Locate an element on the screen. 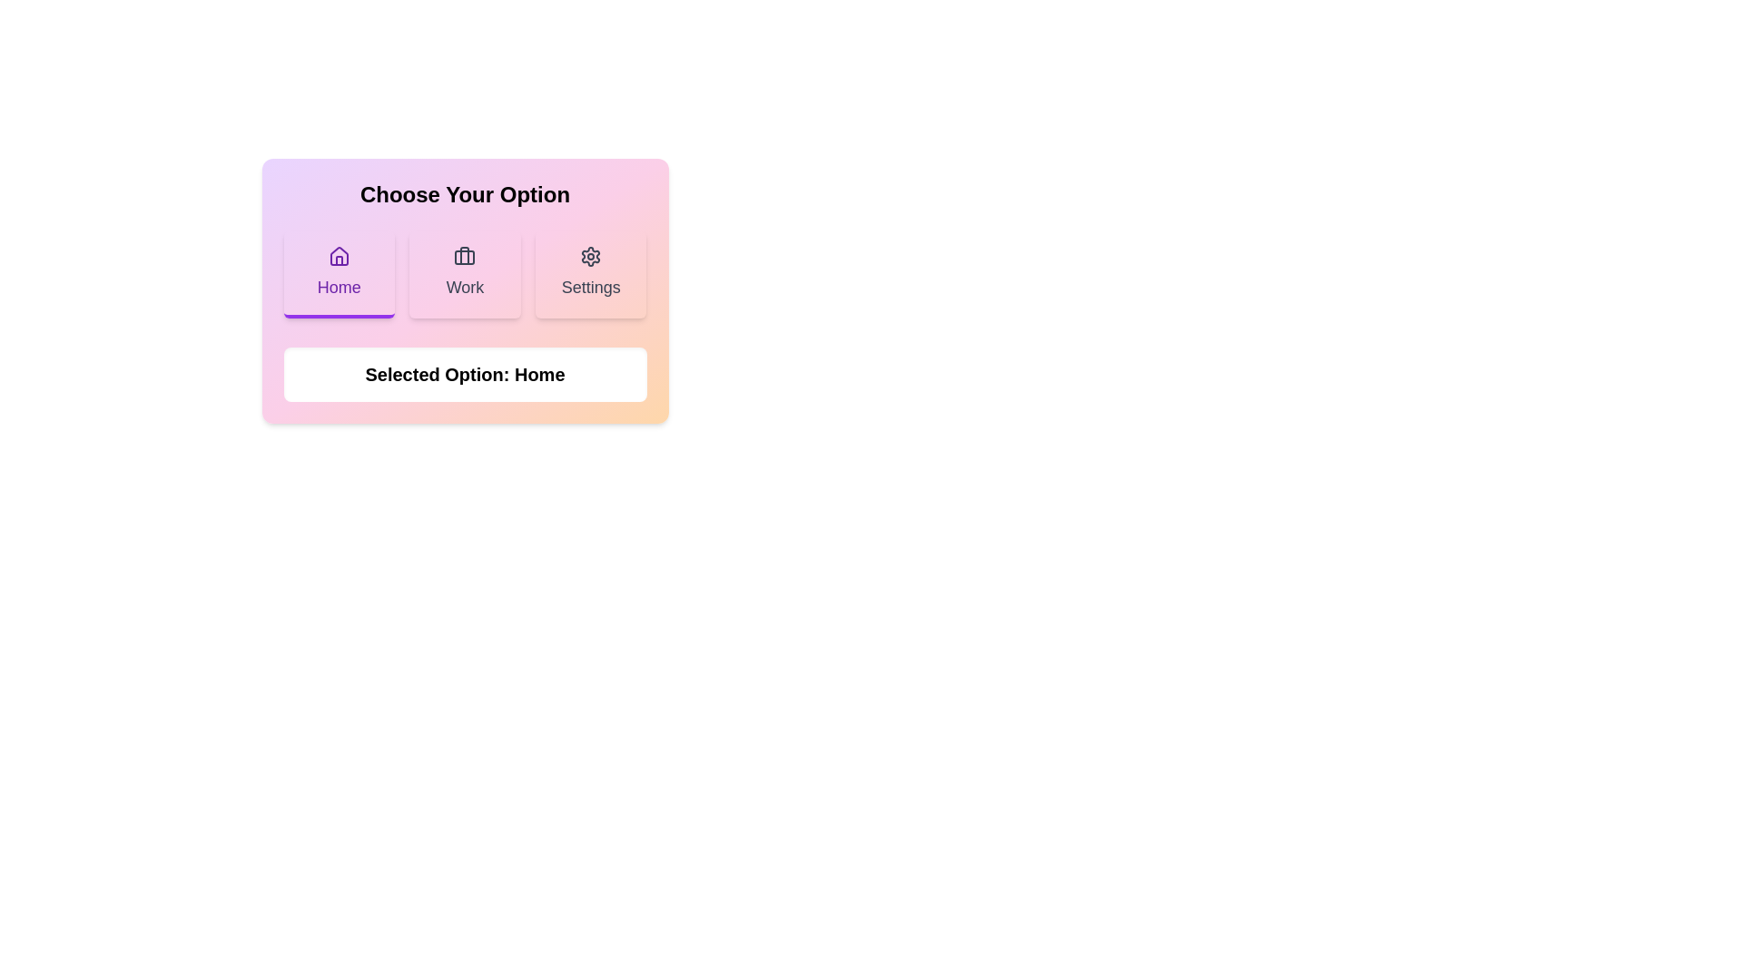  any of the buttons labeled 'Home', 'Work', or 'Settings' in the composite UI component titled 'Choose Your Option' is located at coordinates (465, 289).